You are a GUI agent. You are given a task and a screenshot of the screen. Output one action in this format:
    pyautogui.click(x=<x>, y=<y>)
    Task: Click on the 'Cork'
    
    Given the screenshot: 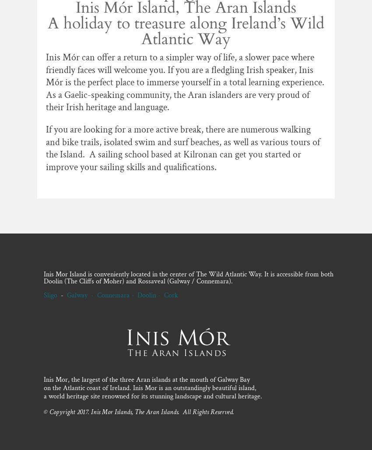 What is the action you would take?
    pyautogui.click(x=171, y=294)
    